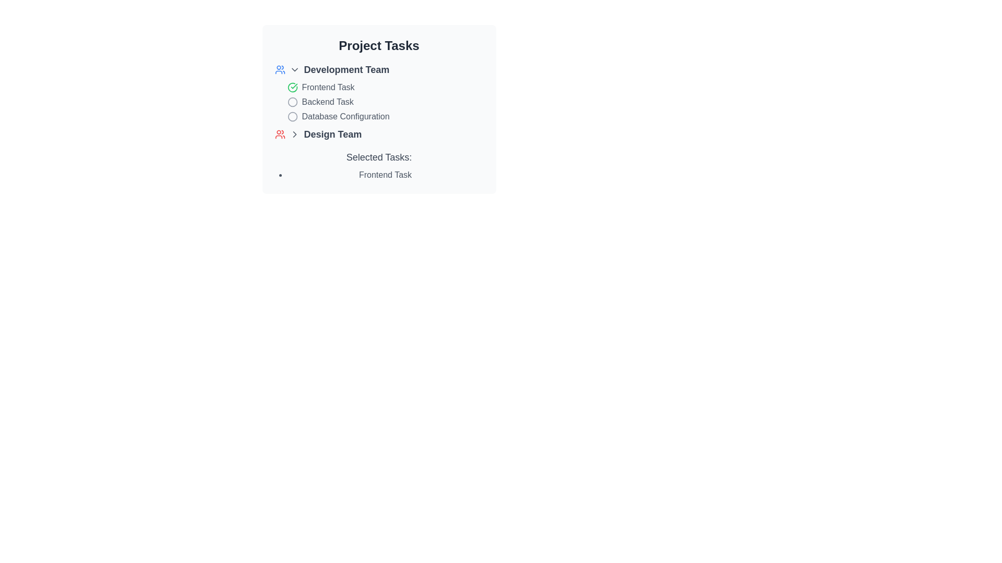 Image resolution: width=1002 pixels, height=563 pixels. What do you see at coordinates (378, 157) in the screenshot?
I see `the 'Selected Tasks:' label, which is styled in a medium-sized, gray-colored font and serves as a heading for the 'Design Team' section under 'Project Tasks'` at bounding box center [378, 157].